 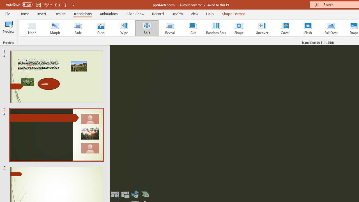 I want to click on 'None', so click(x=31, y=28).